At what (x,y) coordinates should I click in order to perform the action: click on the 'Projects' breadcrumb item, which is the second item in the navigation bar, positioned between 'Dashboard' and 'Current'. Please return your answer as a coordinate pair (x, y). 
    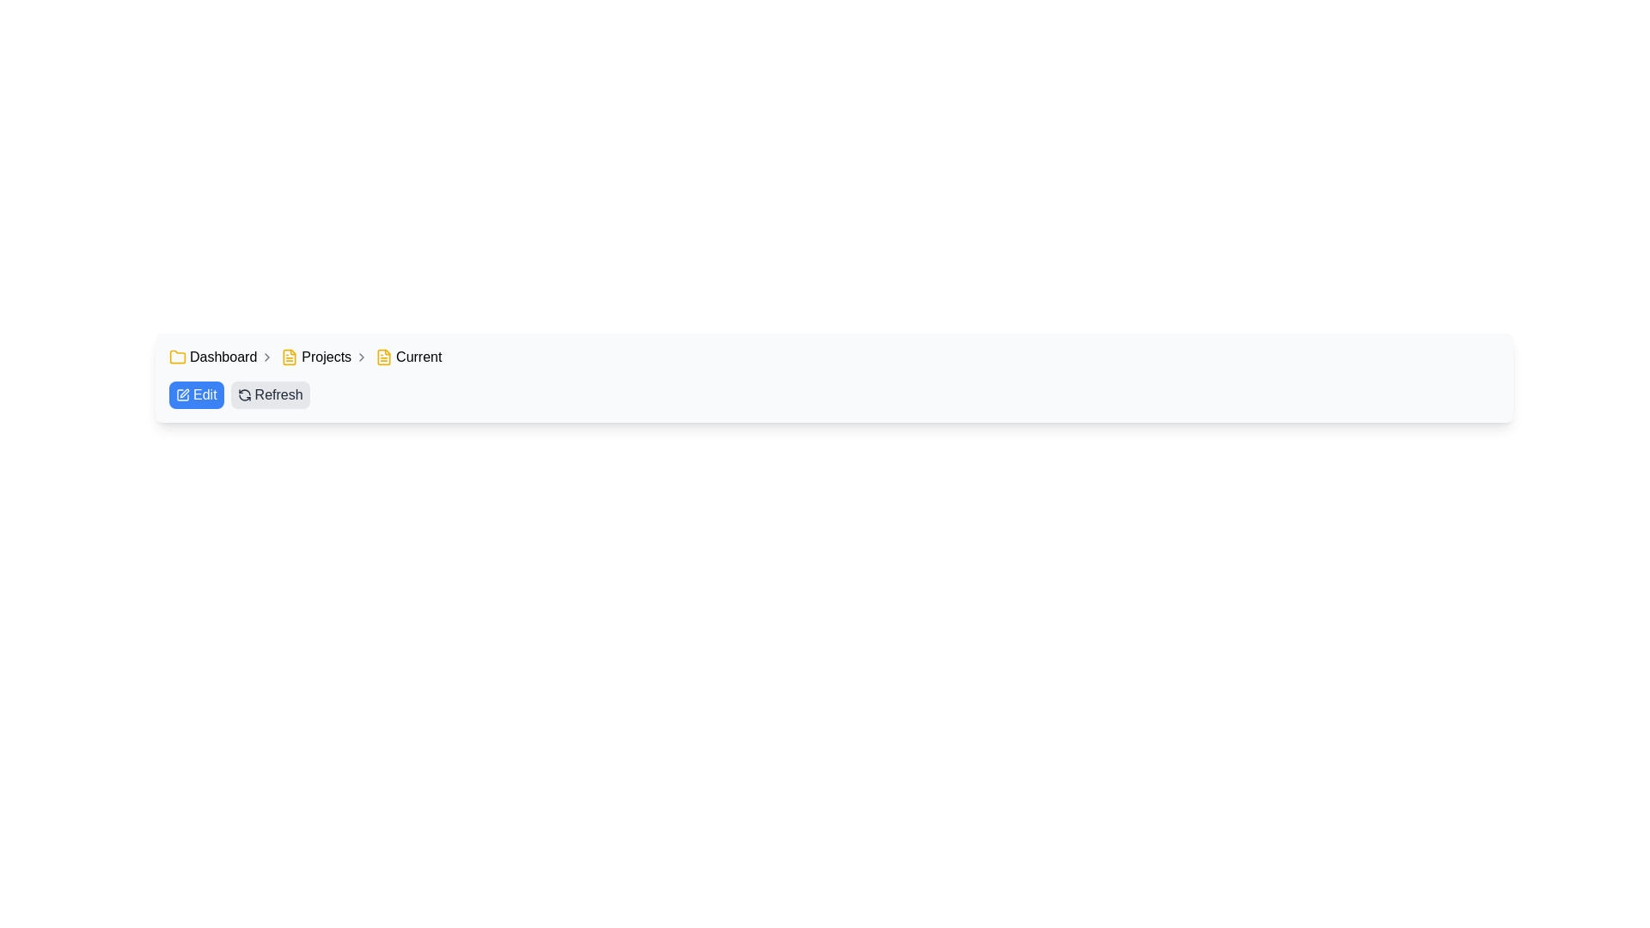
    Looking at the image, I should click on (325, 357).